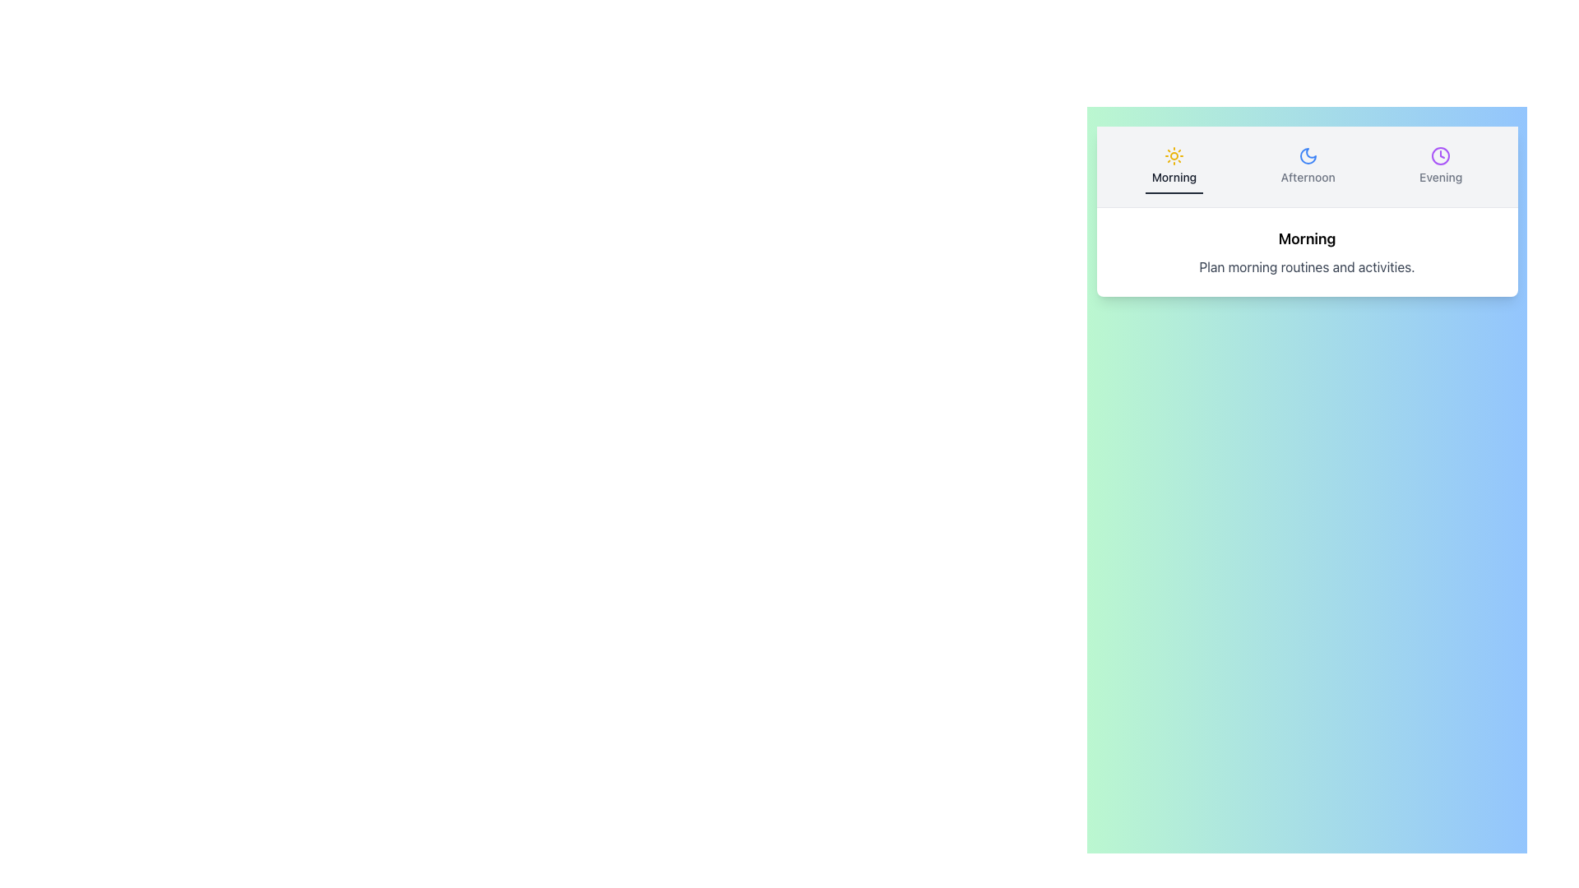 Image resolution: width=1579 pixels, height=888 pixels. I want to click on the clock icon associated with the 'Evening' segment, so click(1440, 155).